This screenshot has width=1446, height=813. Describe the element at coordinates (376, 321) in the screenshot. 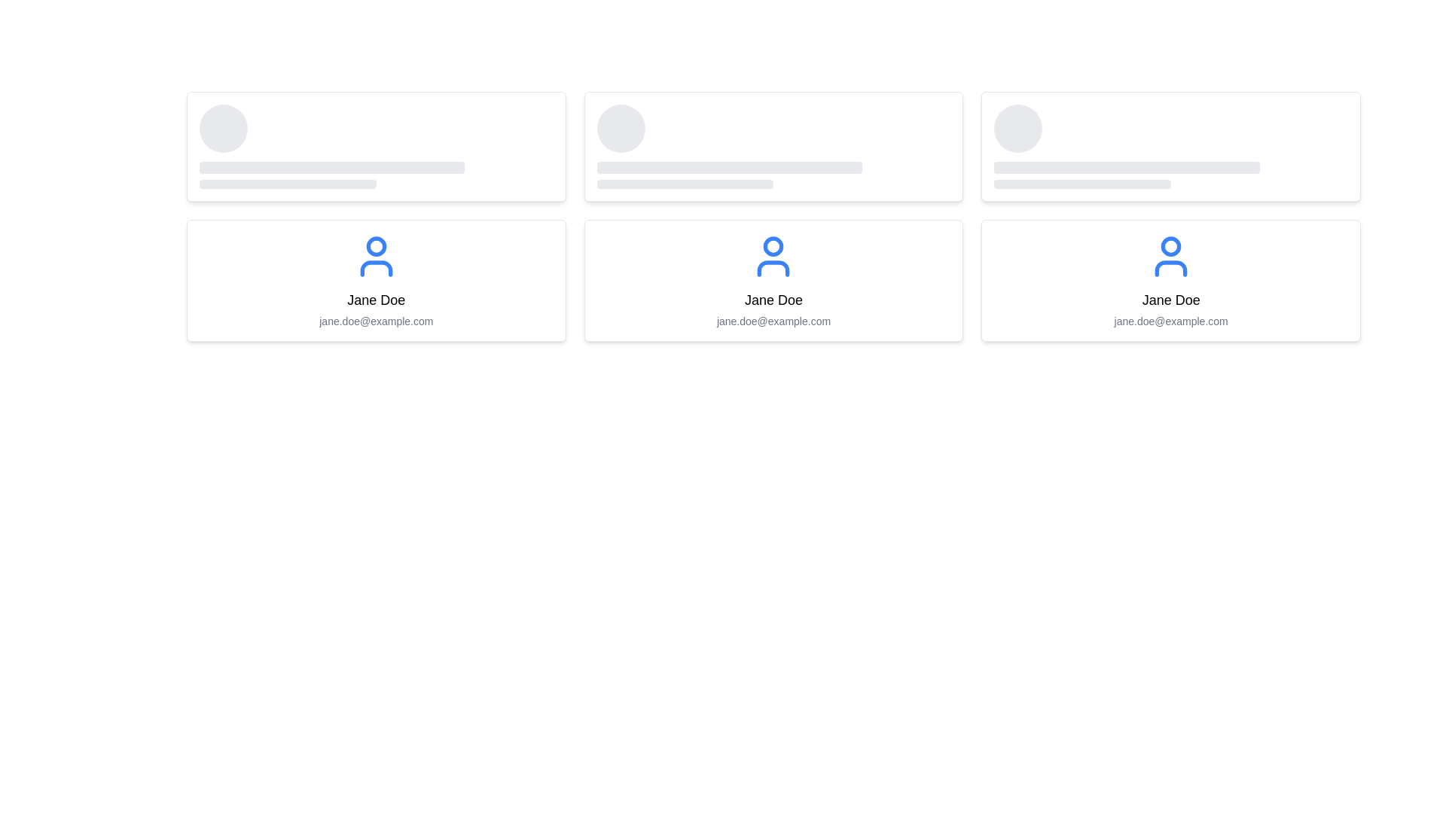

I see `user's email address displayed in the bottom section of the card, located directly below the name 'Jane Doe'` at that location.